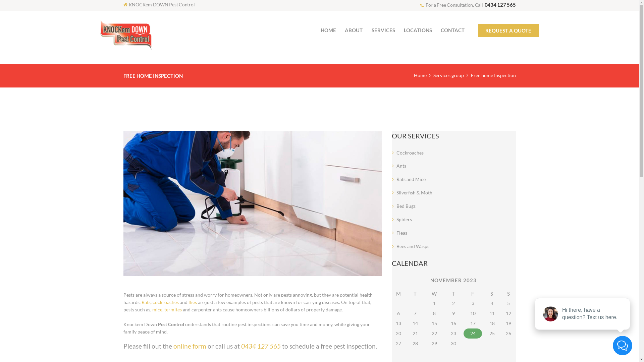 This screenshot has width=644, height=362. Describe the element at coordinates (402, 232) in the screenshot. I see `'Fleas'` at that location.